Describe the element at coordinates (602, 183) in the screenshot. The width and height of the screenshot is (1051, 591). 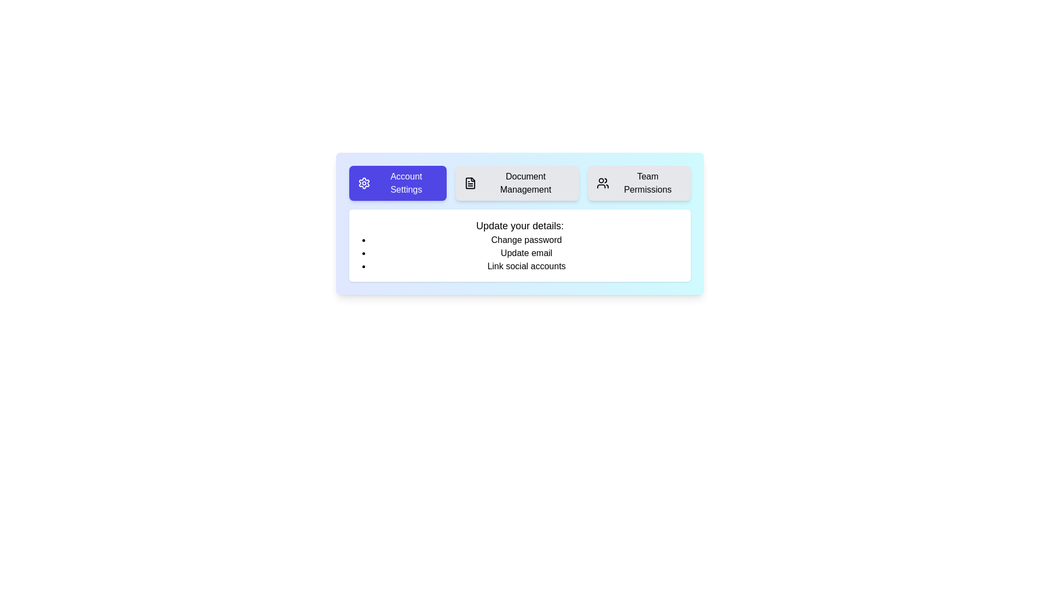
I see `the 'Team Permissions' button located in the horizontal navigation bar` at that location.